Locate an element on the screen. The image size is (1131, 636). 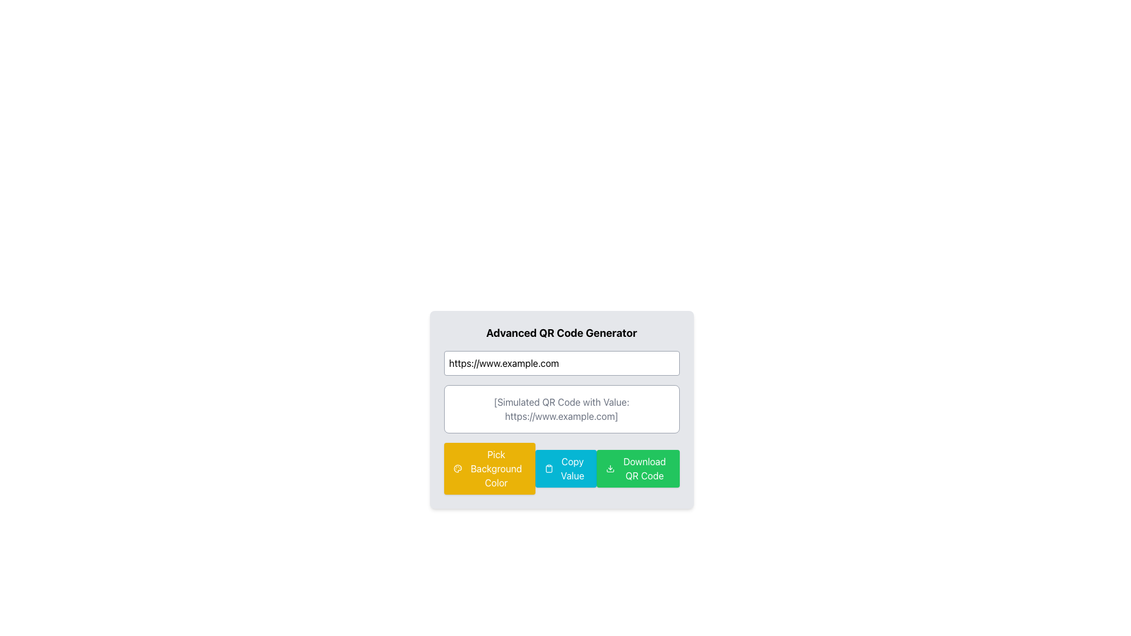
each button in the Button Group located at the bottom of the 'Advanced QR Code Generator' modal is located at coordinates (561, 468).